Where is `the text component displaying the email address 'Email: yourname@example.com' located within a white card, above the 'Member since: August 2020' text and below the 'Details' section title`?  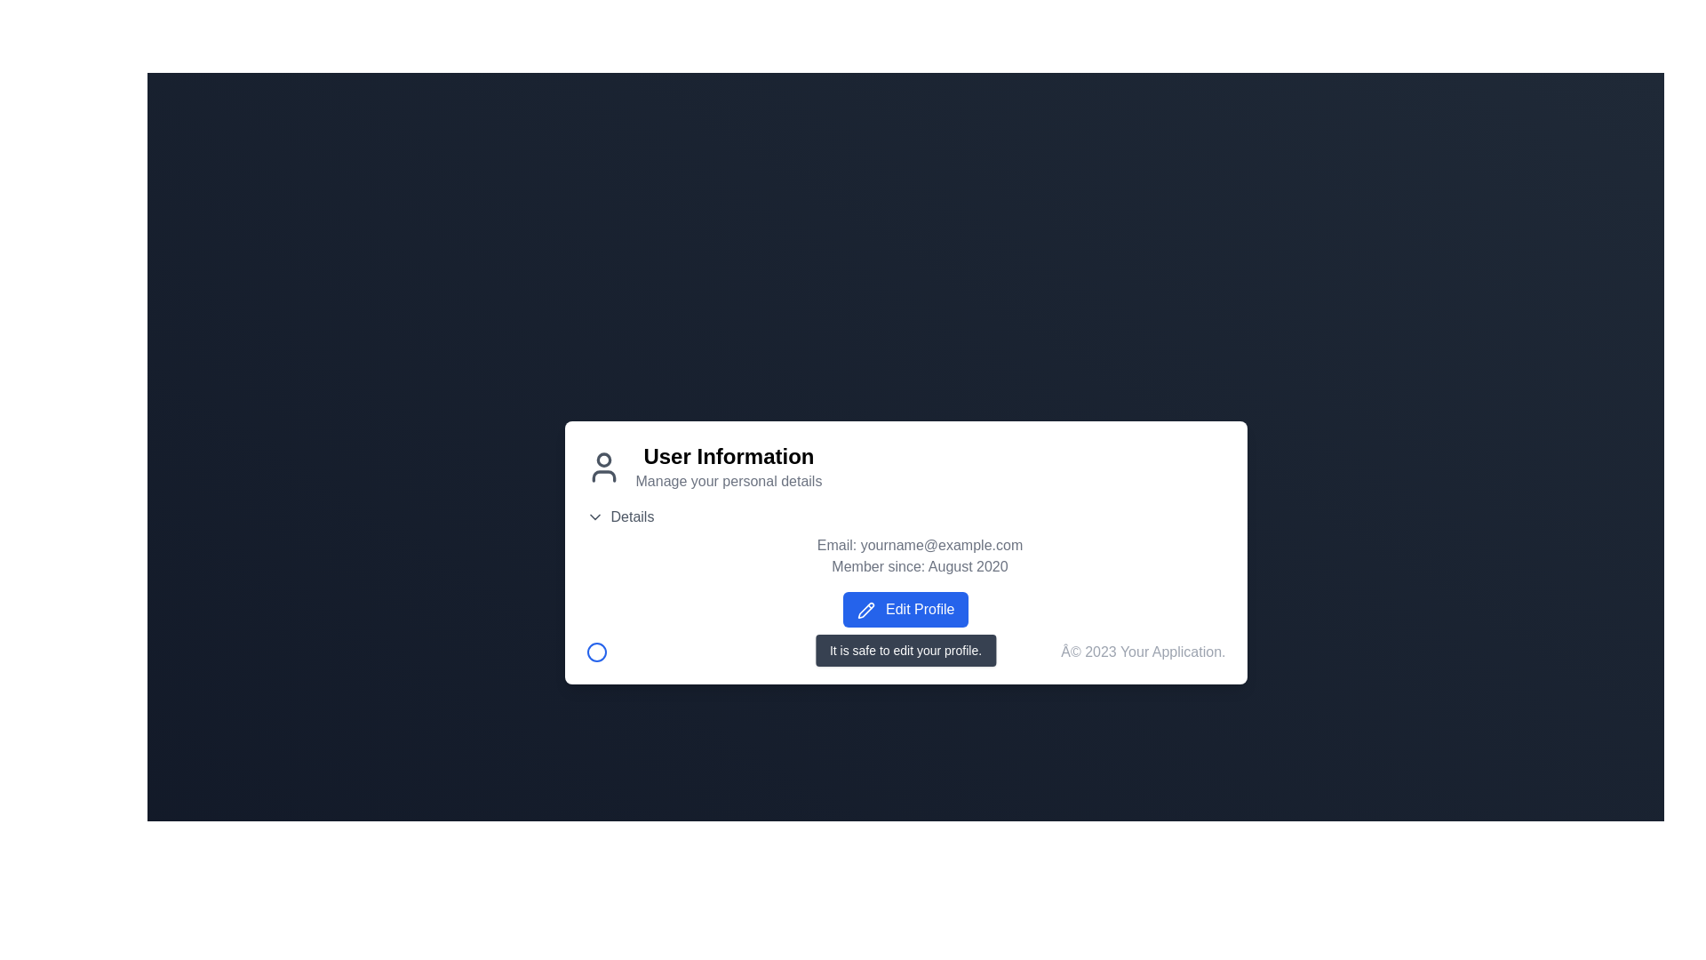 the text component displaying the email address 'Email: yourname@example.com' located within a white card, above the 'Member since: August 2020' text and below the 'Details' section title is located at coordinates (920, 544).